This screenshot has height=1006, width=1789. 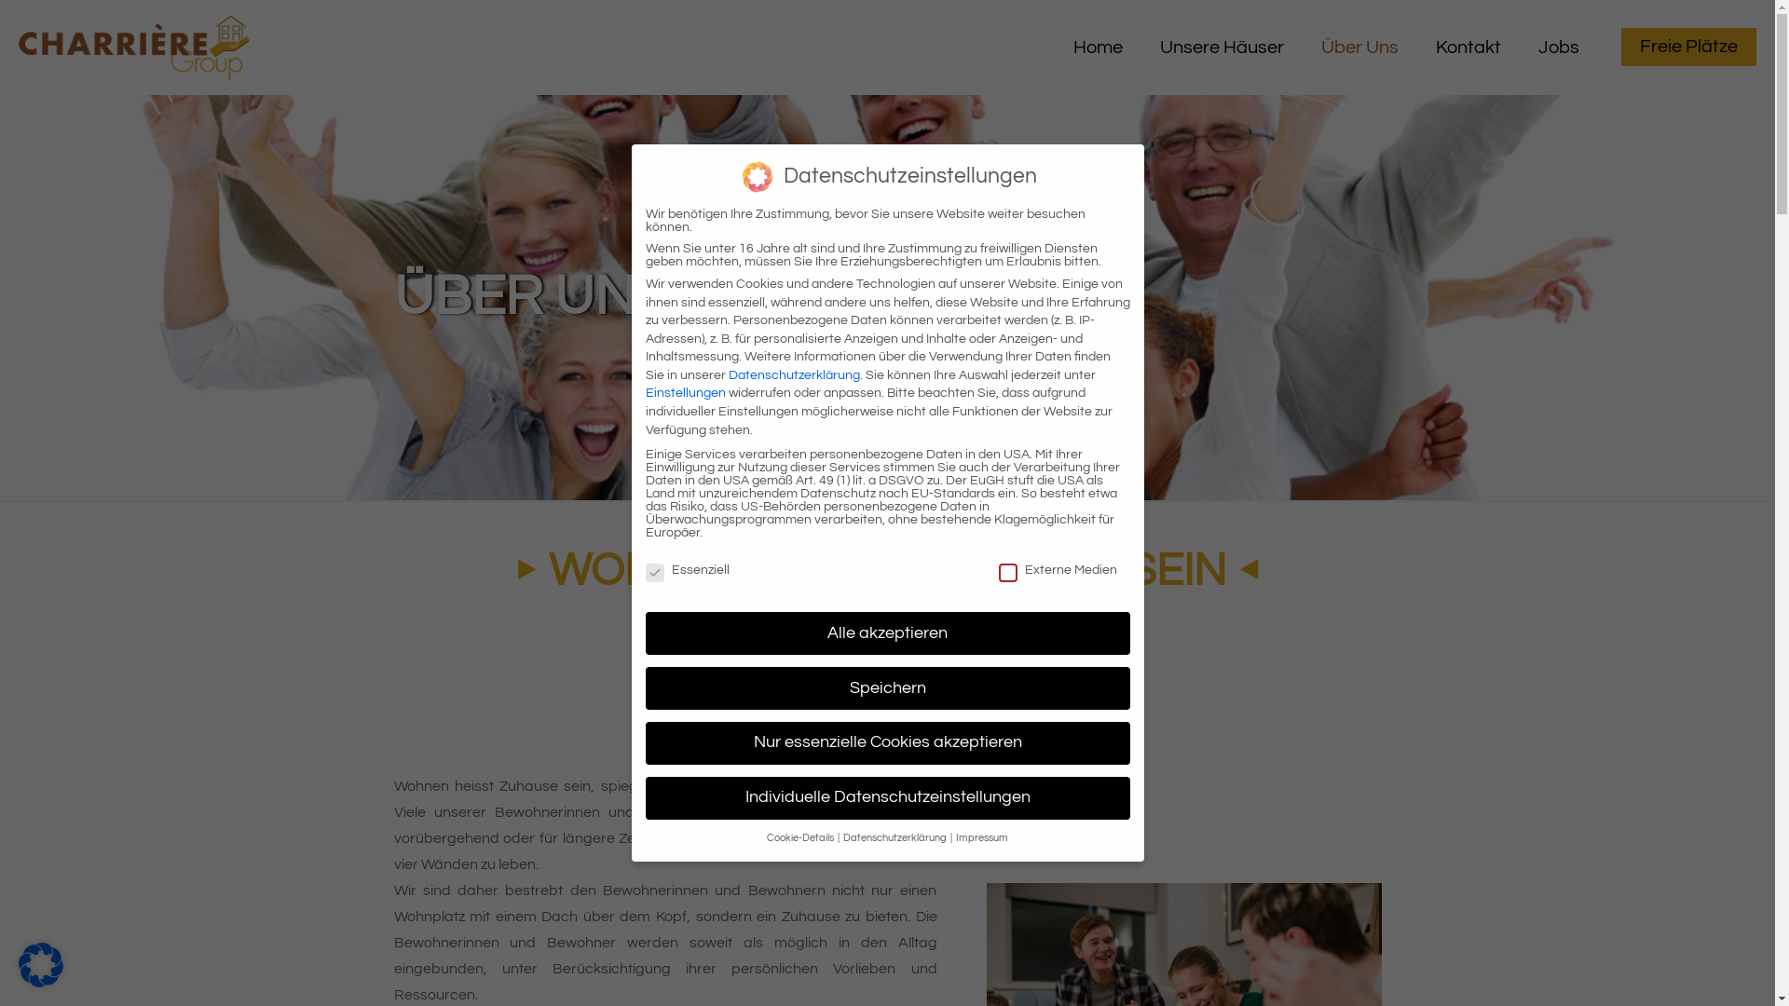 I want to click on 'Speichern', so click(x=885, y=688).